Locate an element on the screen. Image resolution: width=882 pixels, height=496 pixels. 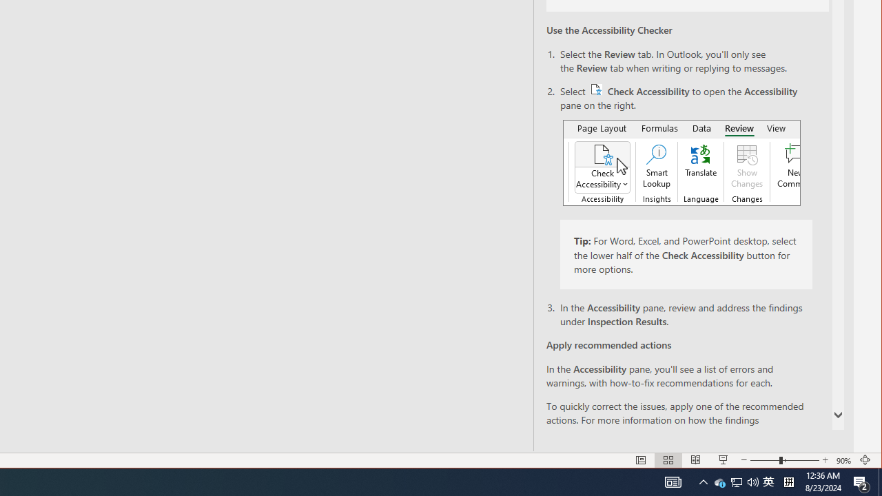
'Accessibility checker button on ribbon' is located at coordinates (681, 162).